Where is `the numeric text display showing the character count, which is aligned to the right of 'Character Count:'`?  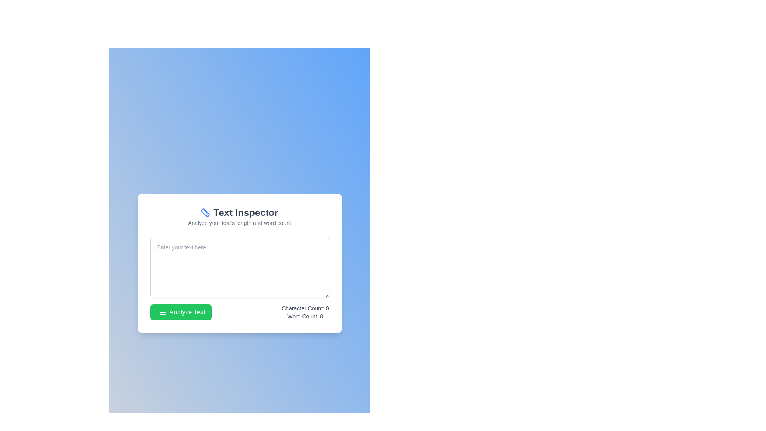 the numeric text display showing the character count, which is aligned to the right of 'Character Count:' is located at coordinates (327, 308).